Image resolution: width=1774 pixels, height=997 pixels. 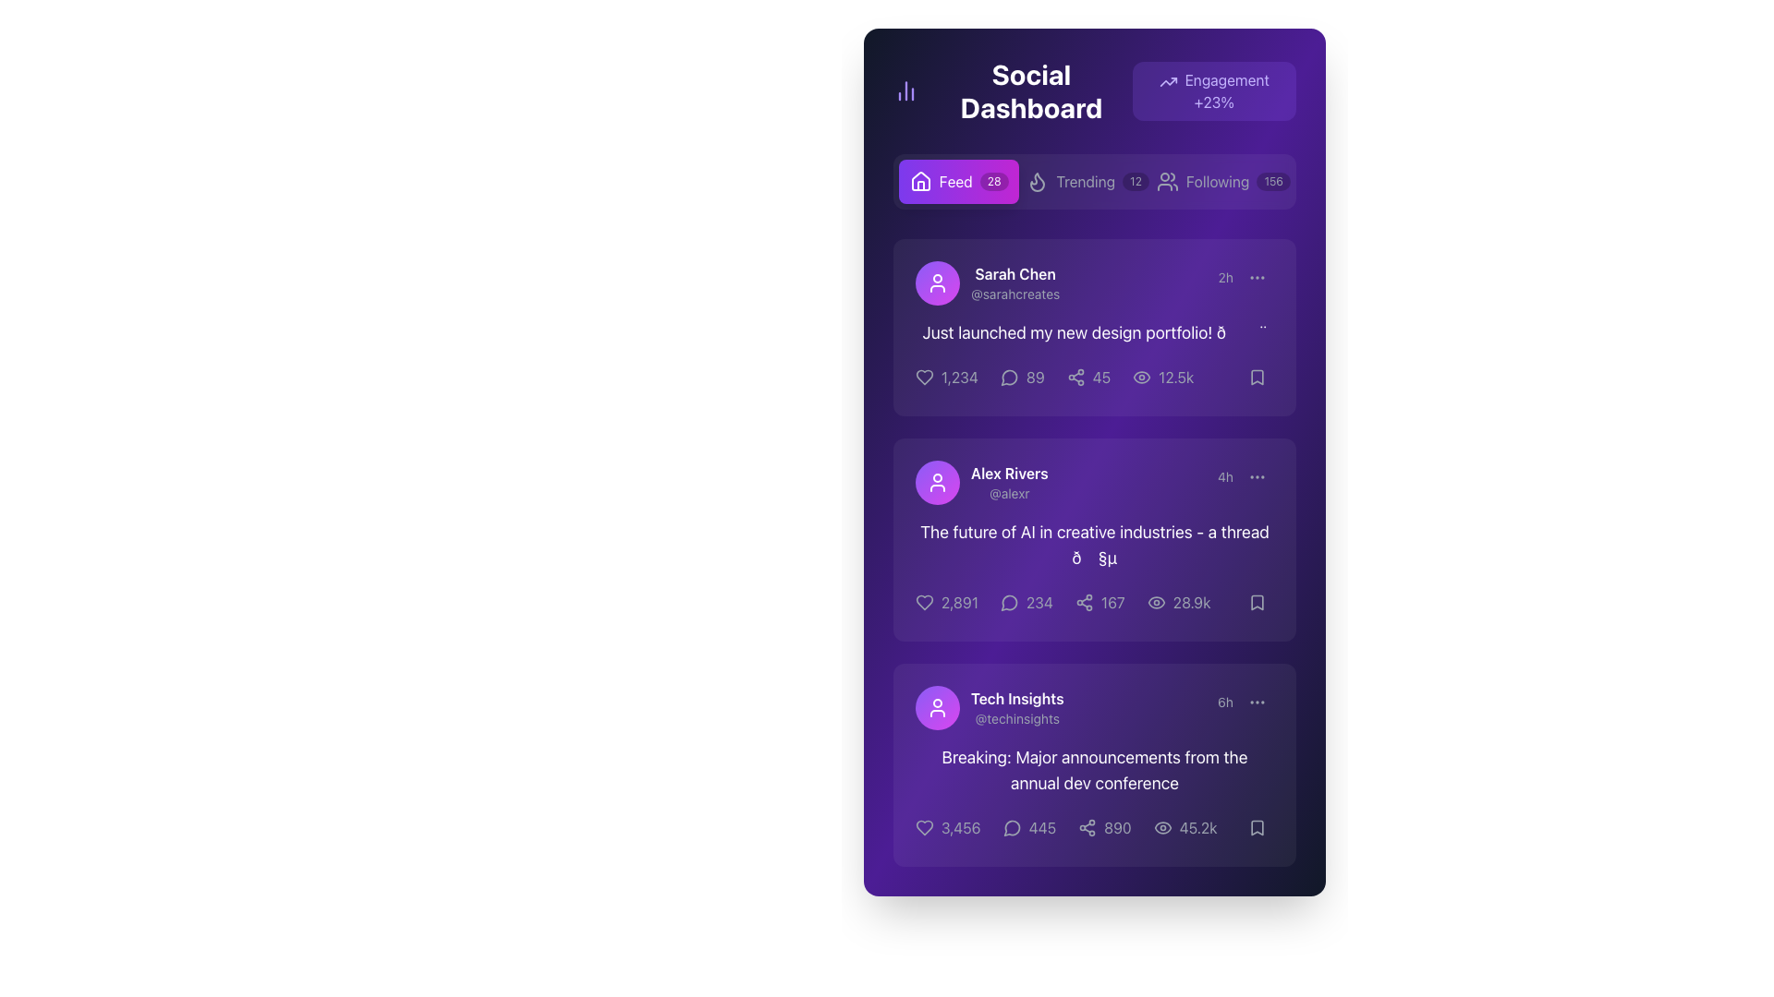 I want to click on username '@techinsights' from the text label positioned directly below the 'Tech Insights' text in the third card of the list on the dashboard, so click(x=1016, y=718).